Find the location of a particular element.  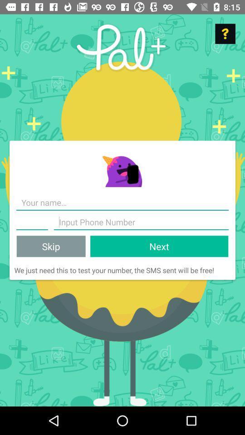

next is located at coordinates (159, 246).